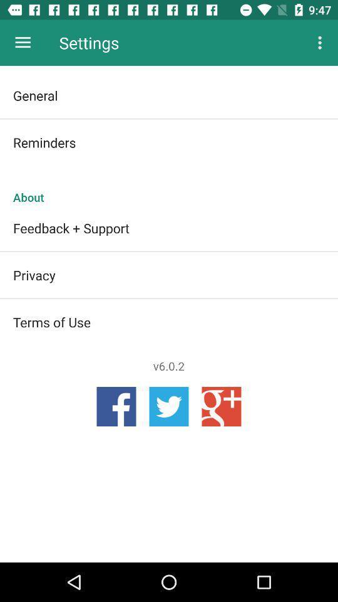 This screenshot has height=602, width=338. I want to click on reminders icon, so click(169, 142).